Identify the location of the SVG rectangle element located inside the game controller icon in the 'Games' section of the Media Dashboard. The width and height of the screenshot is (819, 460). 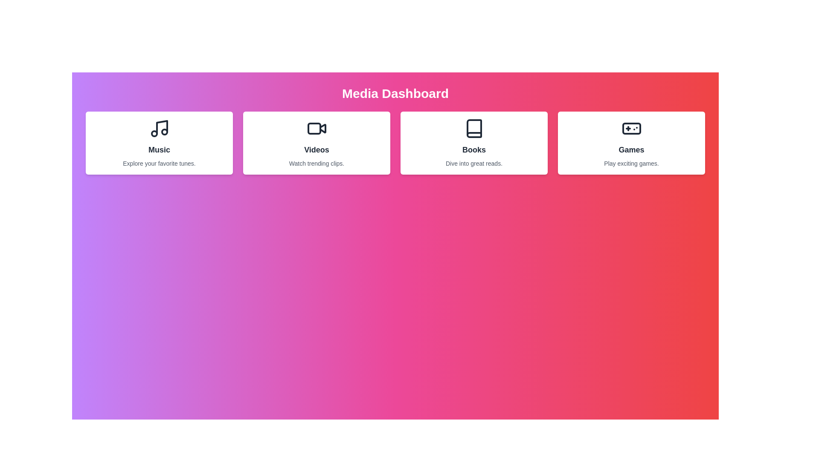
(631, 128).